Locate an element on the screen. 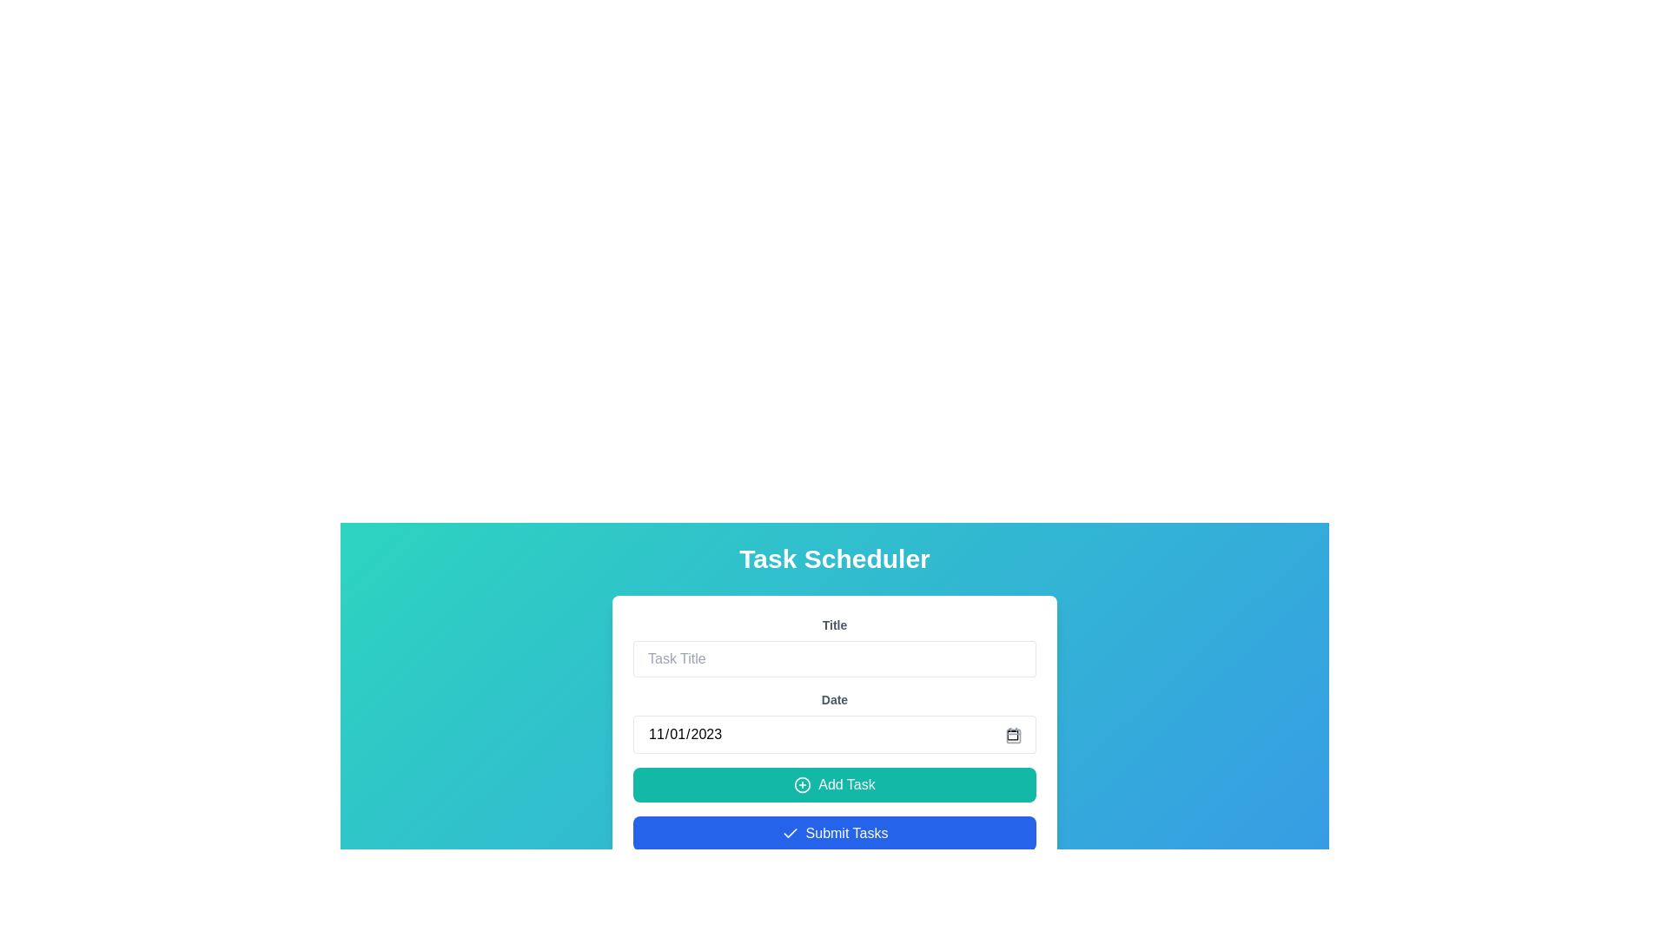 The width and height of the screenshot is (1668, 938). to select text within the rectangular text input field styled with rounded corners and a light gray border, which has the placeholder text 'Task Title' is located at coordinates (834, 659).